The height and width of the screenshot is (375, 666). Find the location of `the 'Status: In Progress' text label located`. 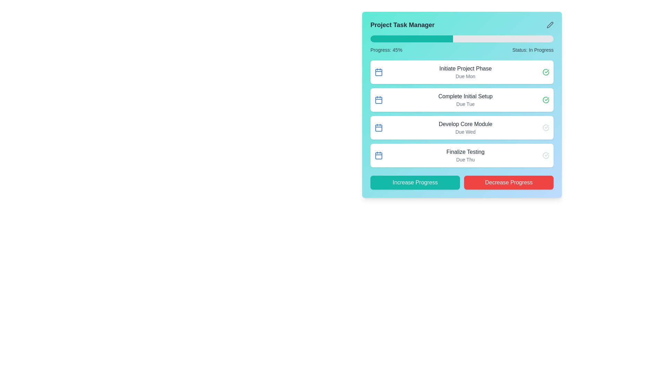

the 'Status: In Progress' text label located is located at coordinates (532, 49).